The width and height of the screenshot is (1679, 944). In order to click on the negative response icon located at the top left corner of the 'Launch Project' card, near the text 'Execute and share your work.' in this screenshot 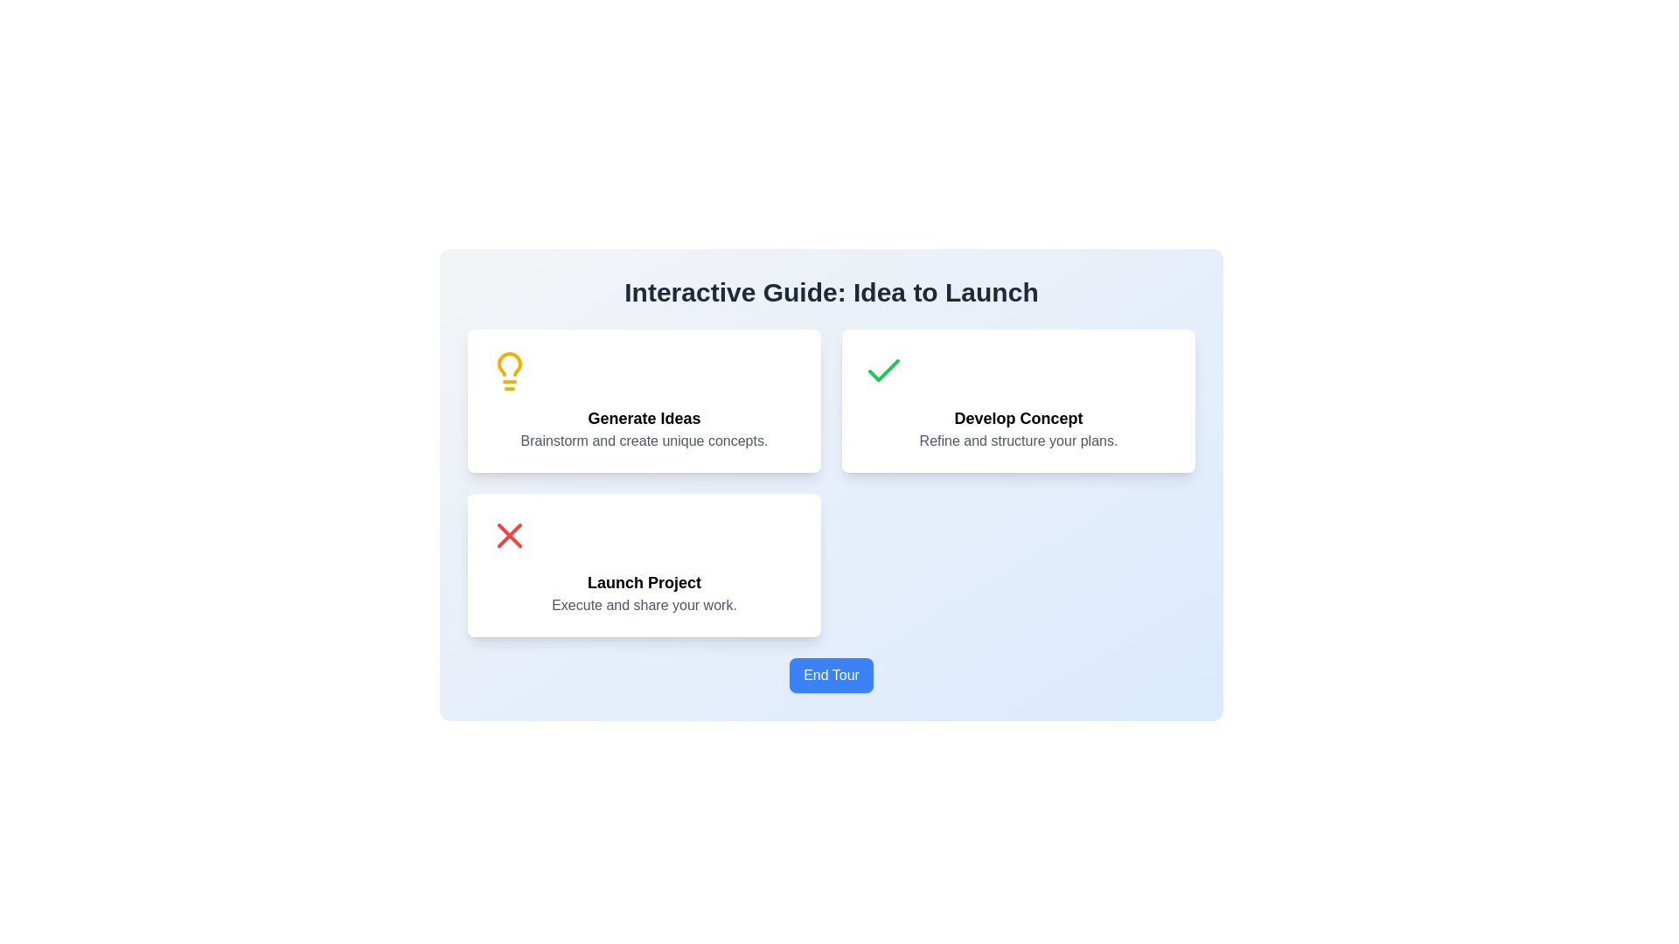, I will do `click(508, 535)`.